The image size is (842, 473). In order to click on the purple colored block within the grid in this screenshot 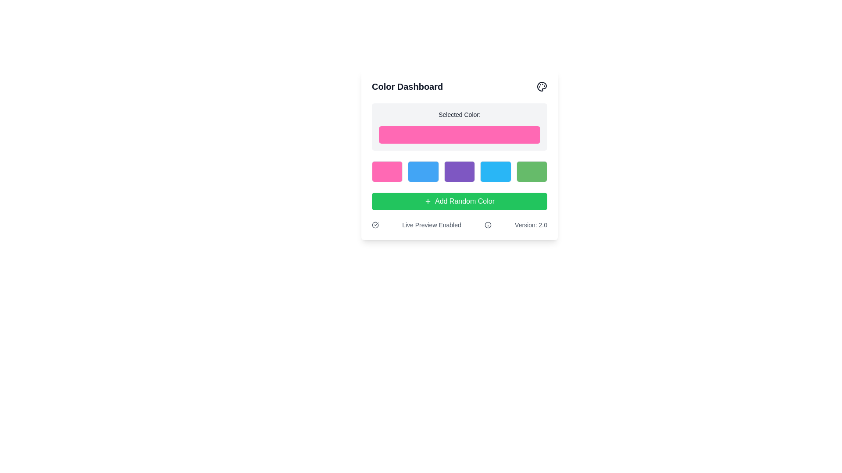, I will do `click(459, 172)`.